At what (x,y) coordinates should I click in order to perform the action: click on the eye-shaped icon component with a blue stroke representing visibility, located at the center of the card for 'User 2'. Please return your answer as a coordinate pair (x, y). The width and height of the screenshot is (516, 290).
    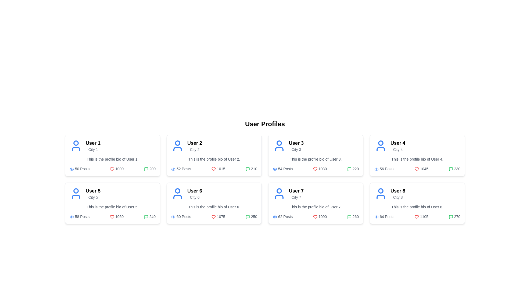
    Looking at the image, I should click on (173, 169).